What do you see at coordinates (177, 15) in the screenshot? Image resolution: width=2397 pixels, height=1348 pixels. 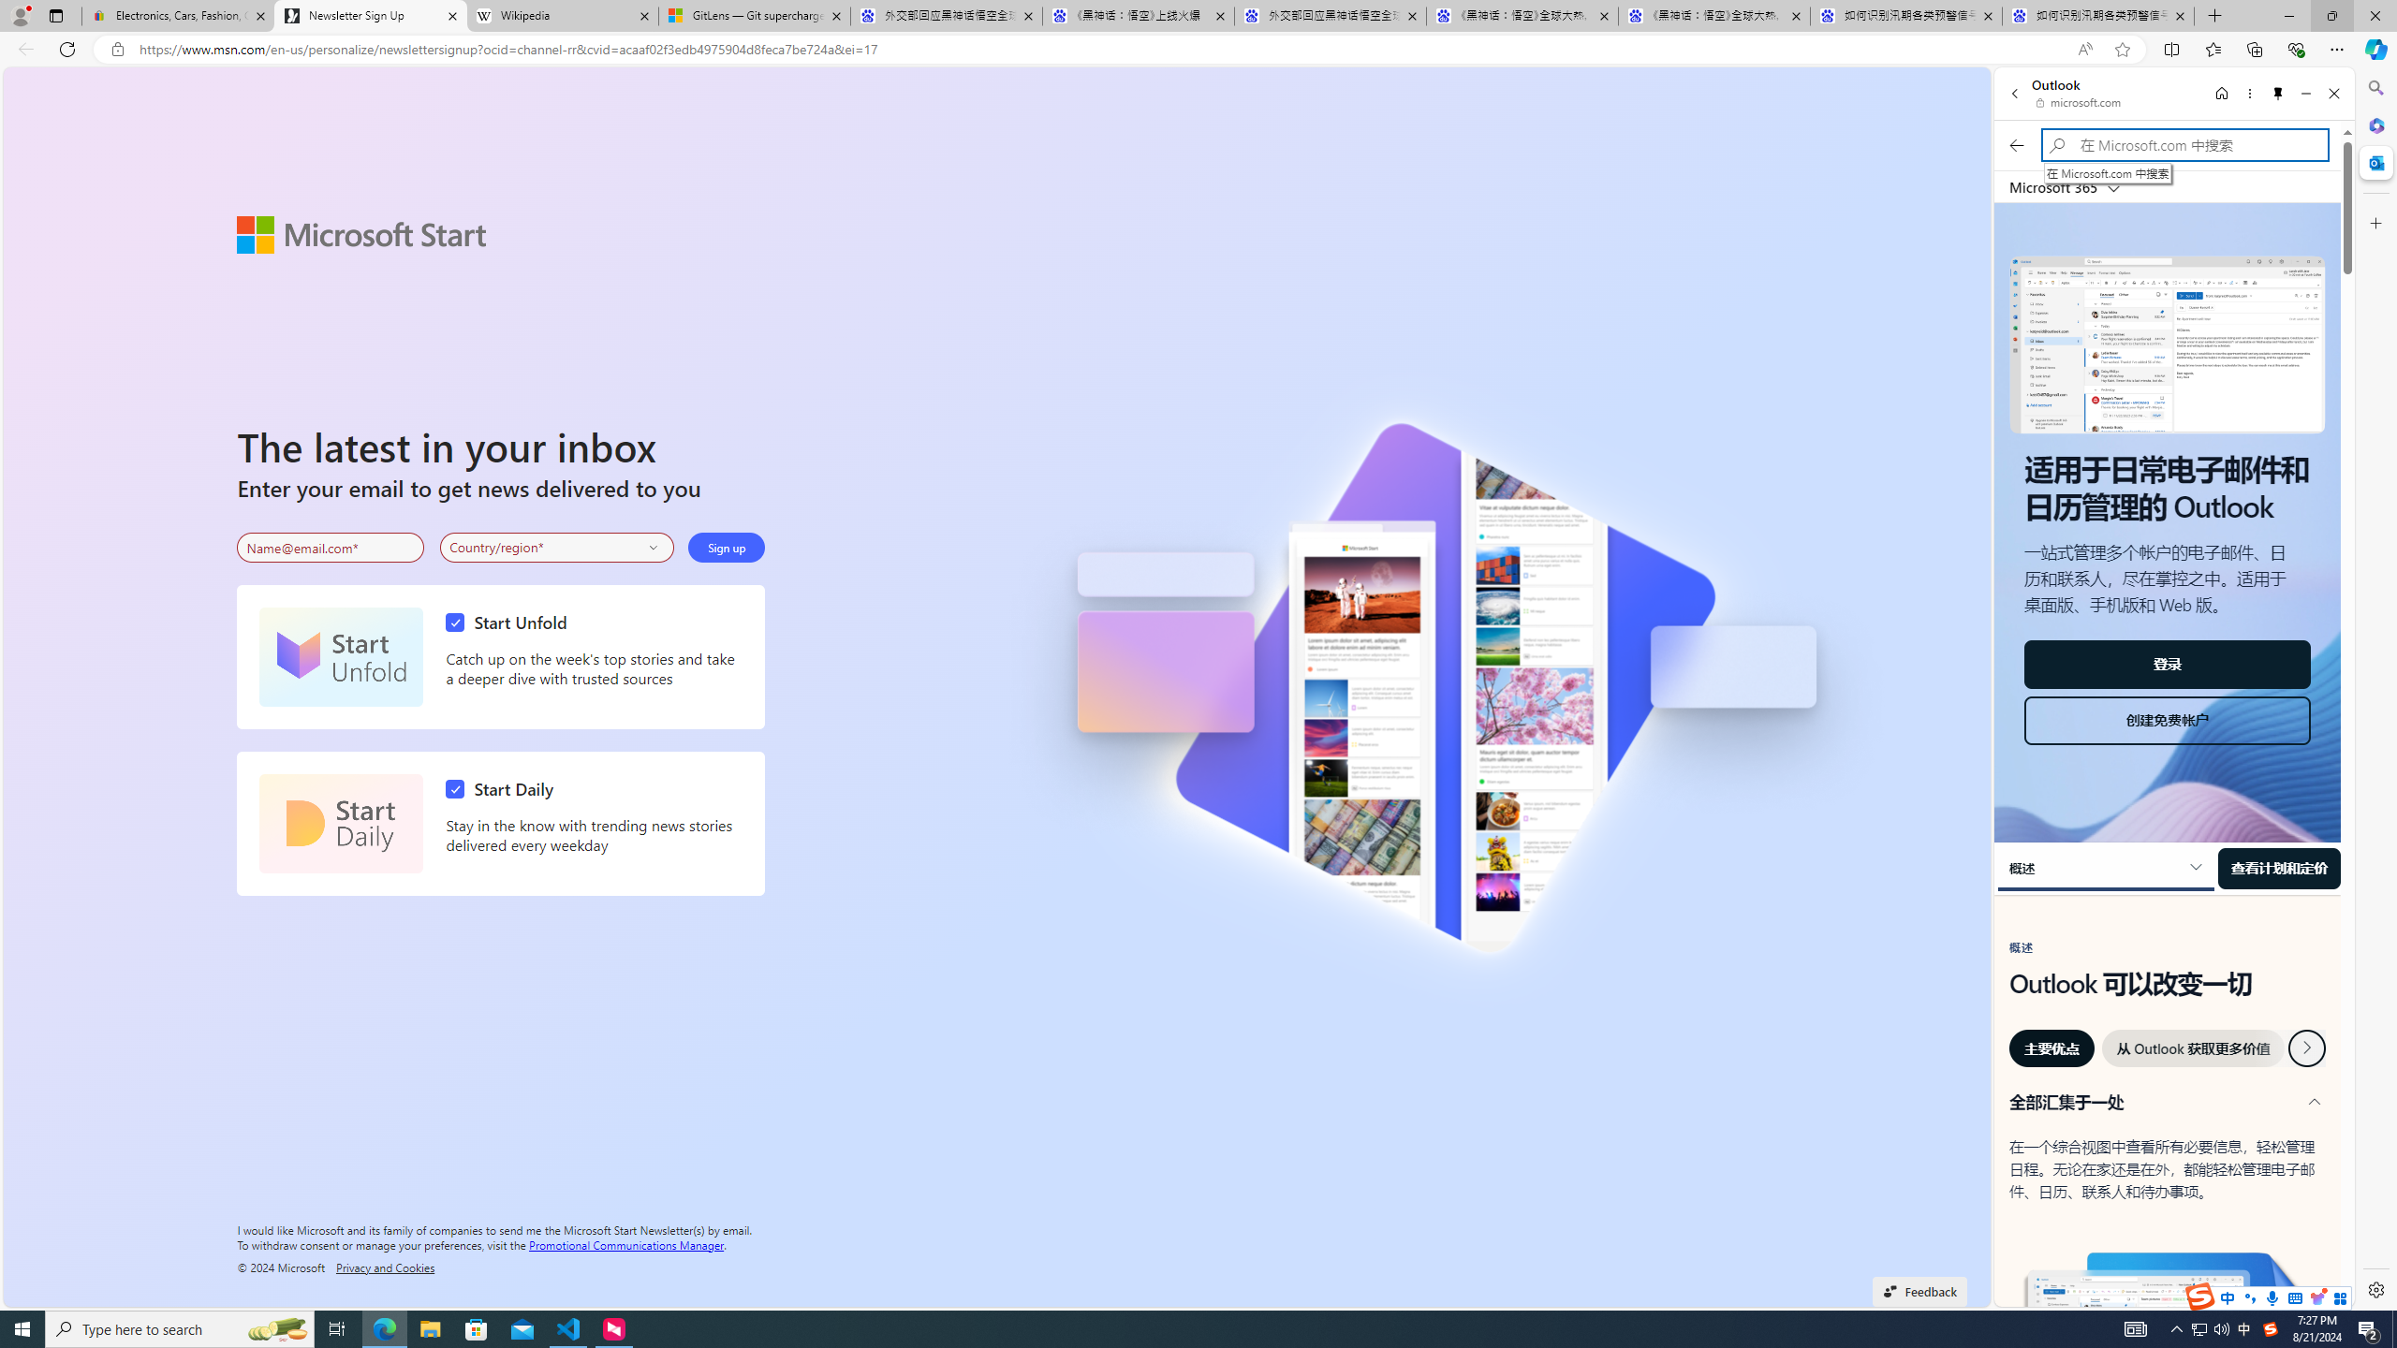 I see `'Electronics, Cars, Fashion, Collectibles & More | eBay'` at bounding box center [177, 15].